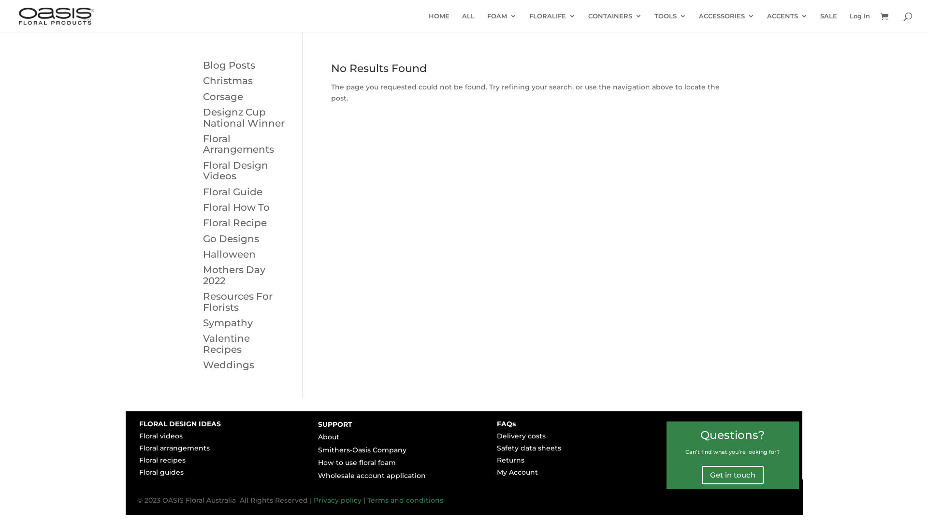  I want to click on 'Corsage', so click(222, 97).